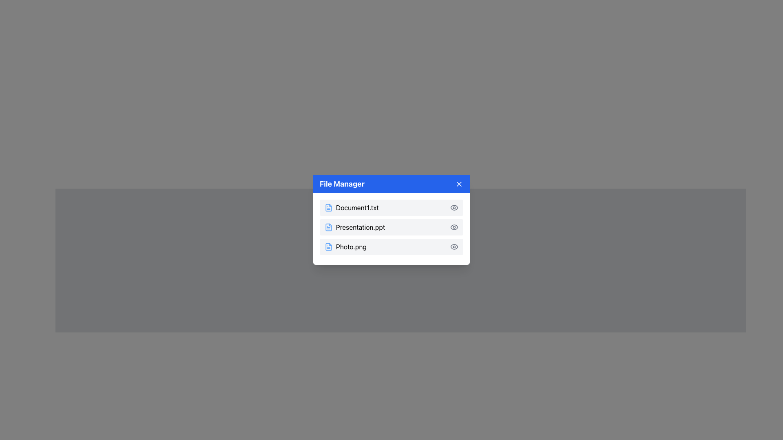 The height and width of the screenshot is (440, 783). Describe the element at coordinates (391, 220) in the screenshot. I see `the second row of the modal dialog that displays information about the file 'Presentation.ppt'` at that location.